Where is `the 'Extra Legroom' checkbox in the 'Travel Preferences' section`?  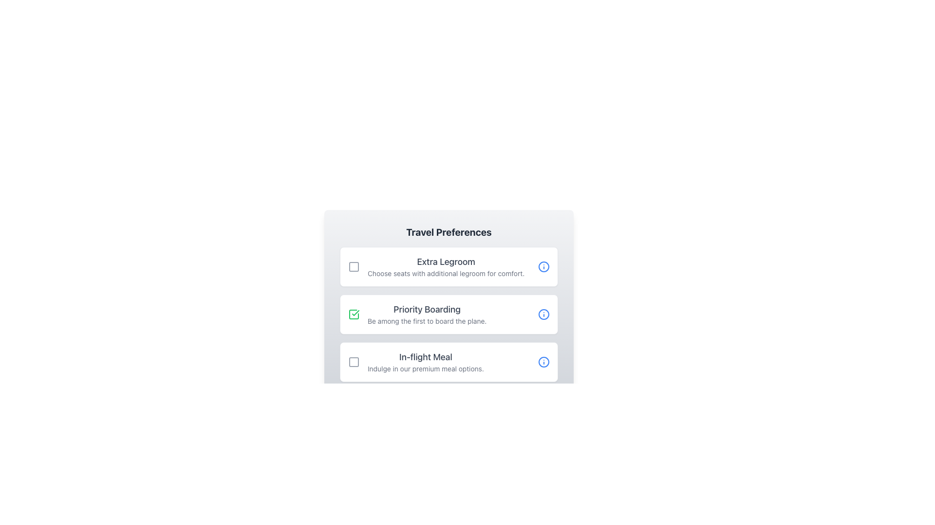
the 'Extra Legroom' checkbox in the 'Travel Preferences' section is located at coordinates (436, 266).